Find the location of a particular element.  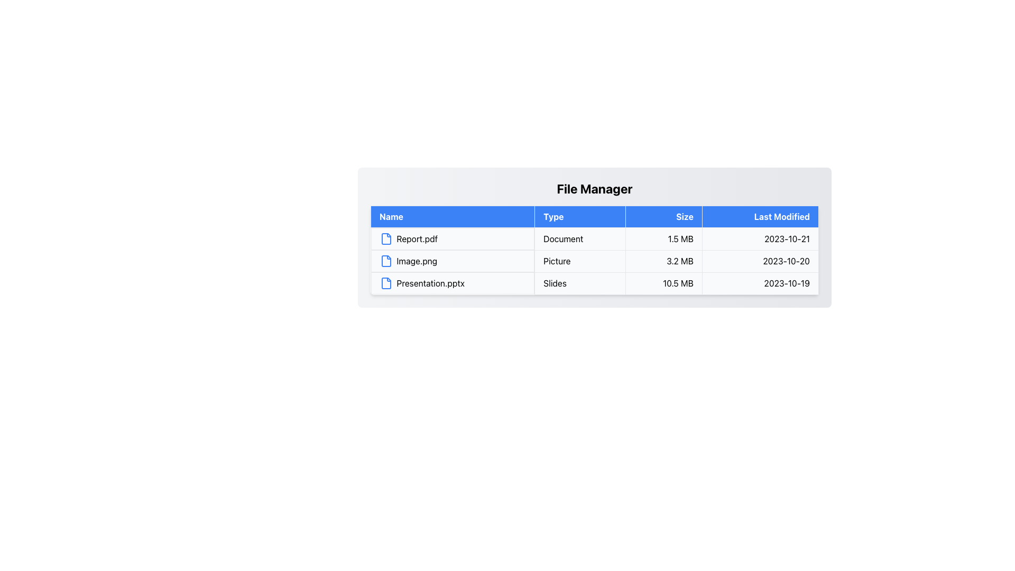

the table header cell displaying 'Last Modified', which is the last column header in the data table with a blue background and white text aligned to the right is located at coordinates (760, 216).